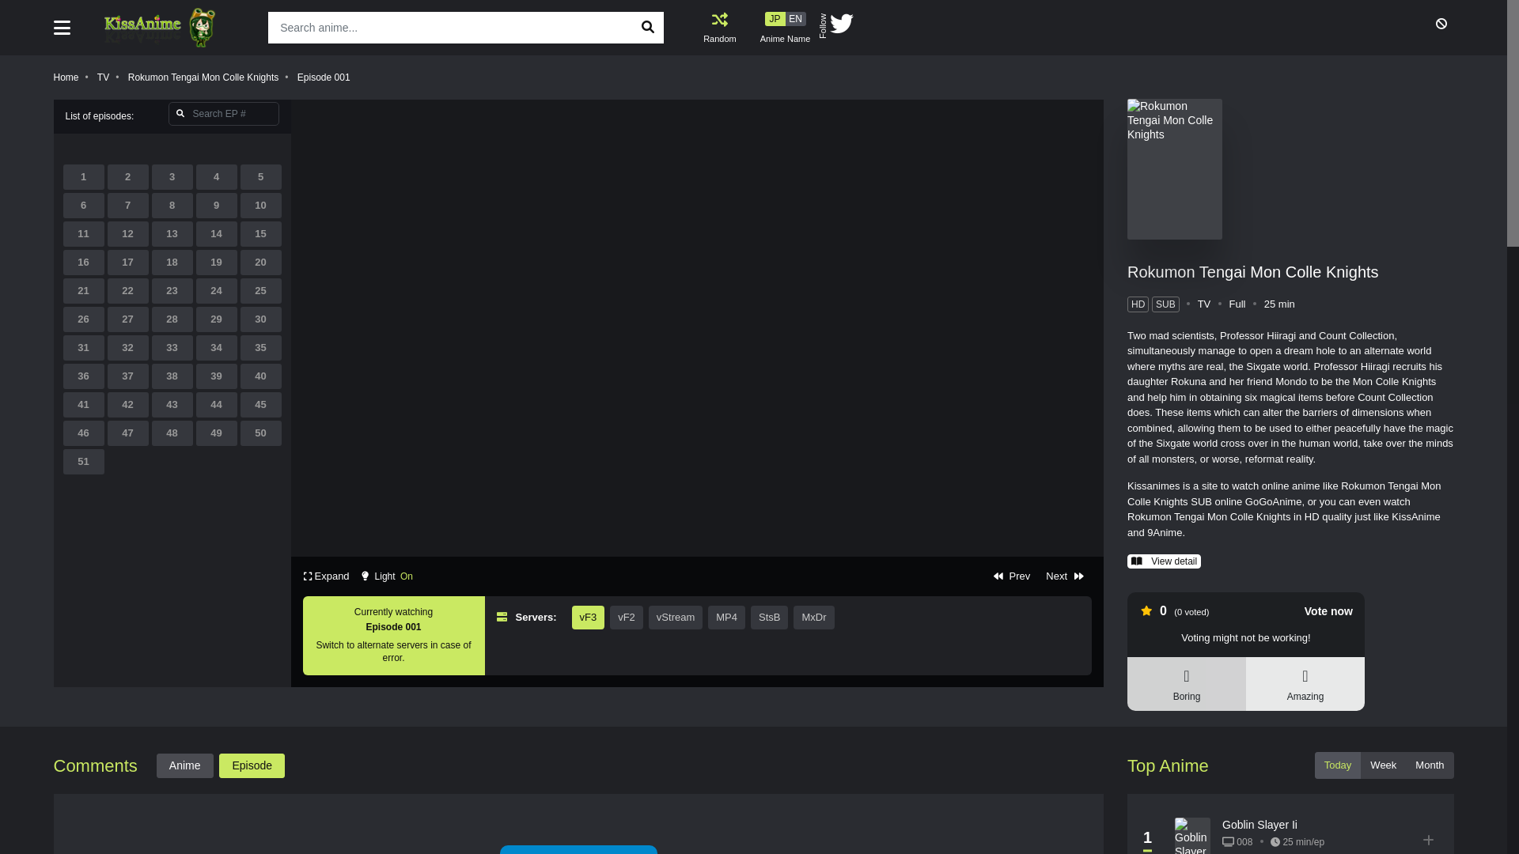 This screenshot has height=854, width=1519. Describe the element at coordinates (261, 319) in the screenshot. I see `'30'` at that location.